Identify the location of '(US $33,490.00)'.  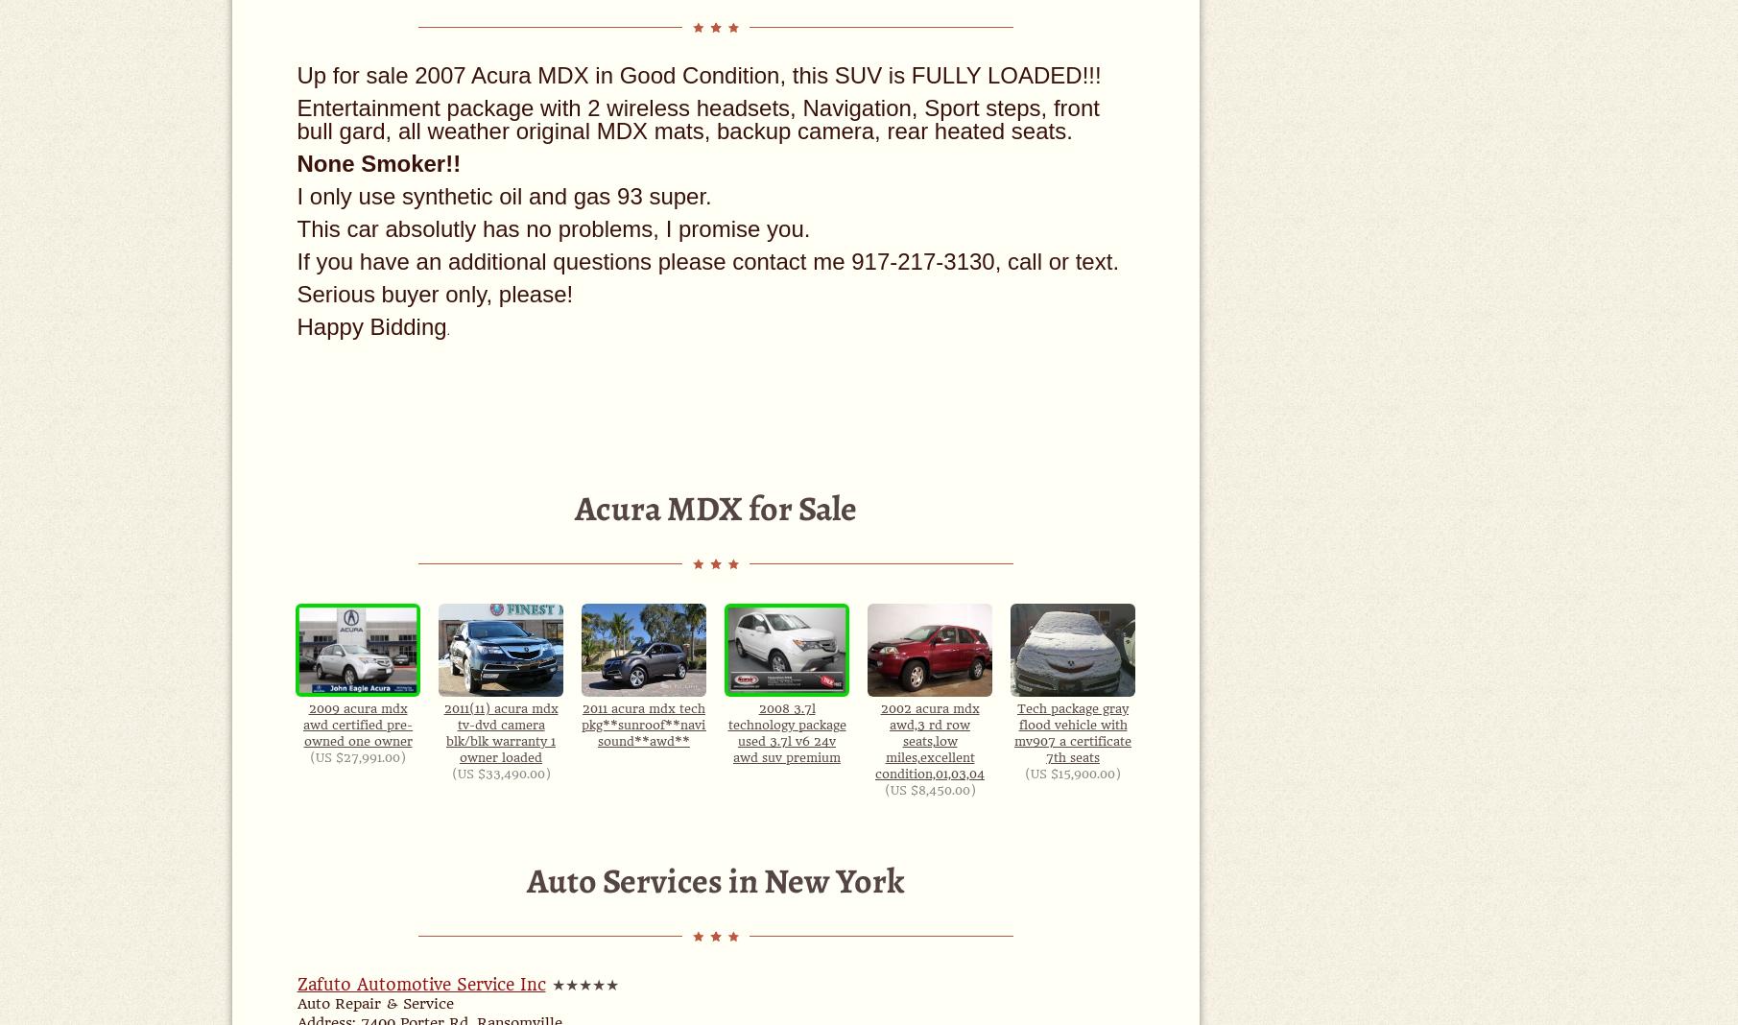
(450, 773).